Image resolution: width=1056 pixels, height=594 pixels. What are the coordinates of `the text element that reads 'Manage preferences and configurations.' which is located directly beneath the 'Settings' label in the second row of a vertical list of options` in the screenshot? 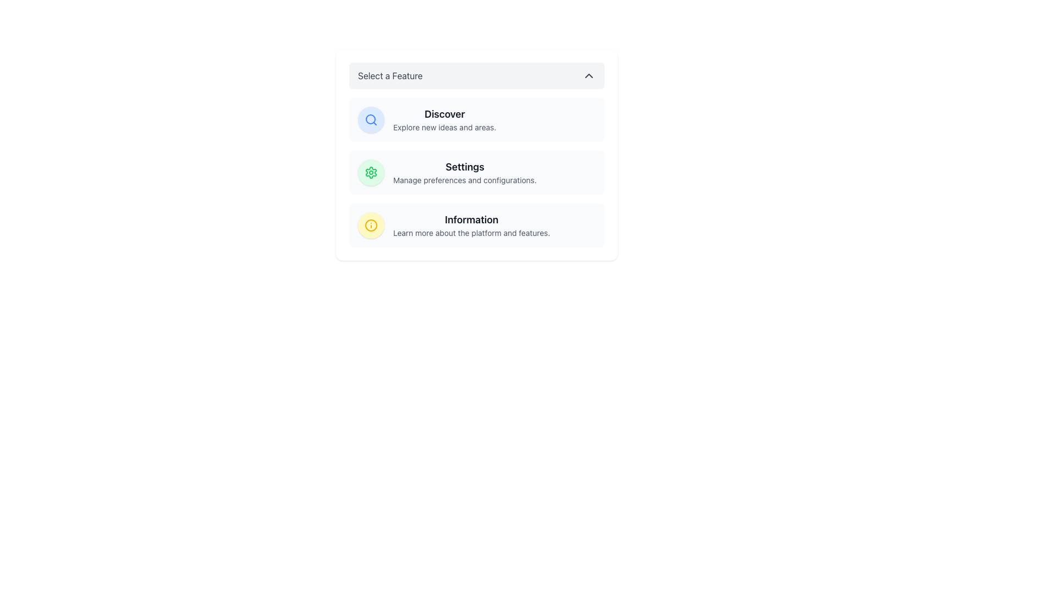 It's located at (465, 179).